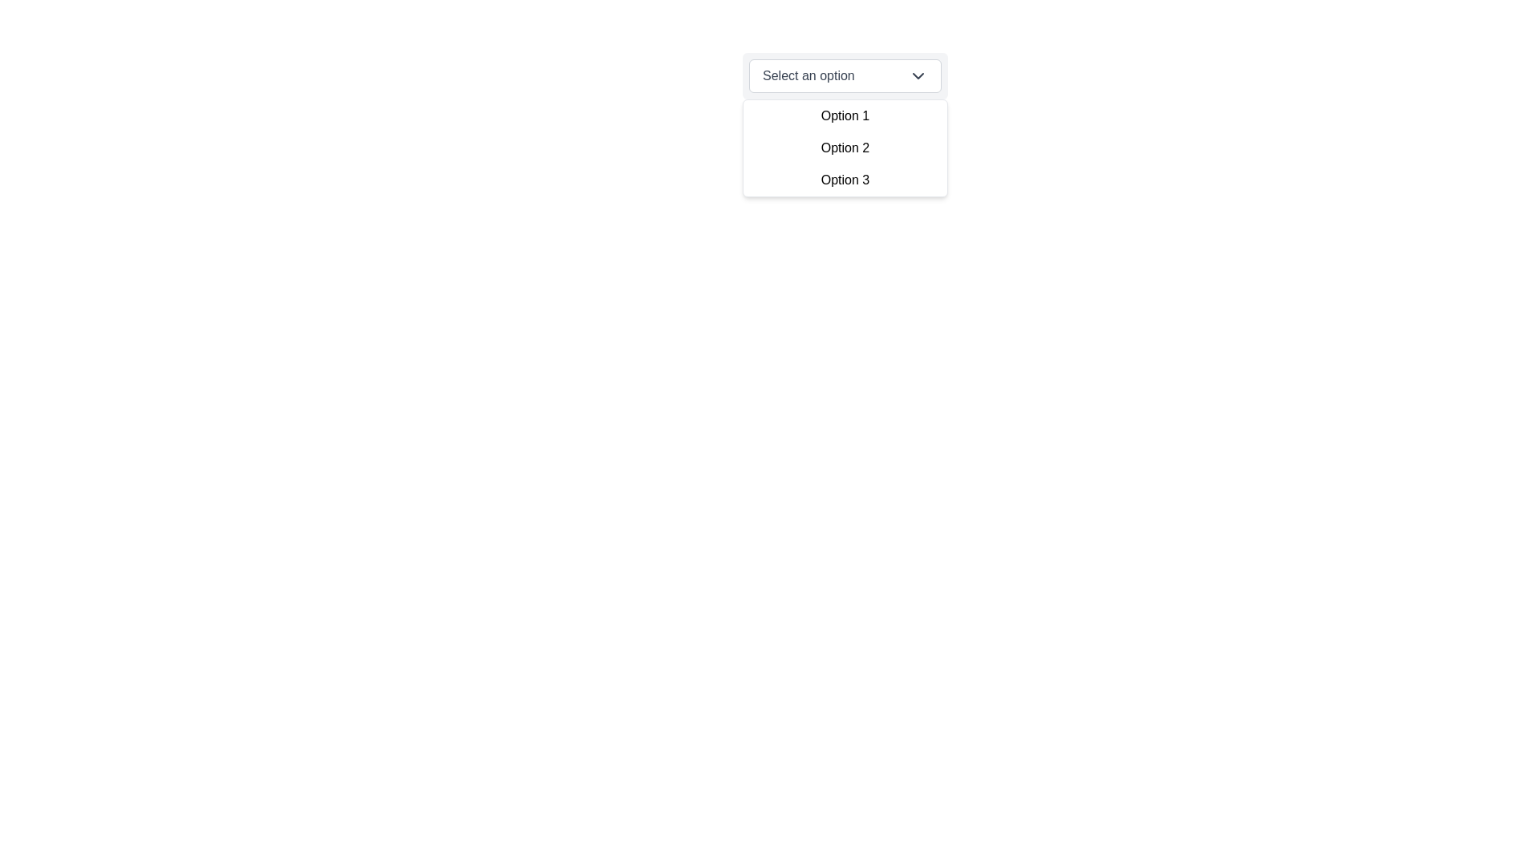 This screenshot has height=866, width=1540. Describe the element at coordinates (845, 180) in the screenshot. I see `the dropdown menu option labeled 'Option 3', which is the third item in a list of three options in a dropdown menu` at that location.